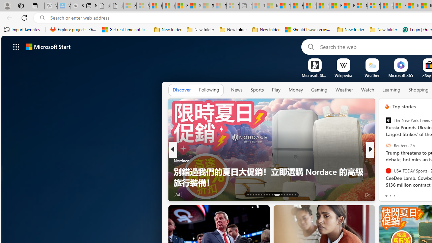  What do you see at coordinates (389, 194) in the screenshot?
I see `'255 Like'` at bounding box center [389, 194].